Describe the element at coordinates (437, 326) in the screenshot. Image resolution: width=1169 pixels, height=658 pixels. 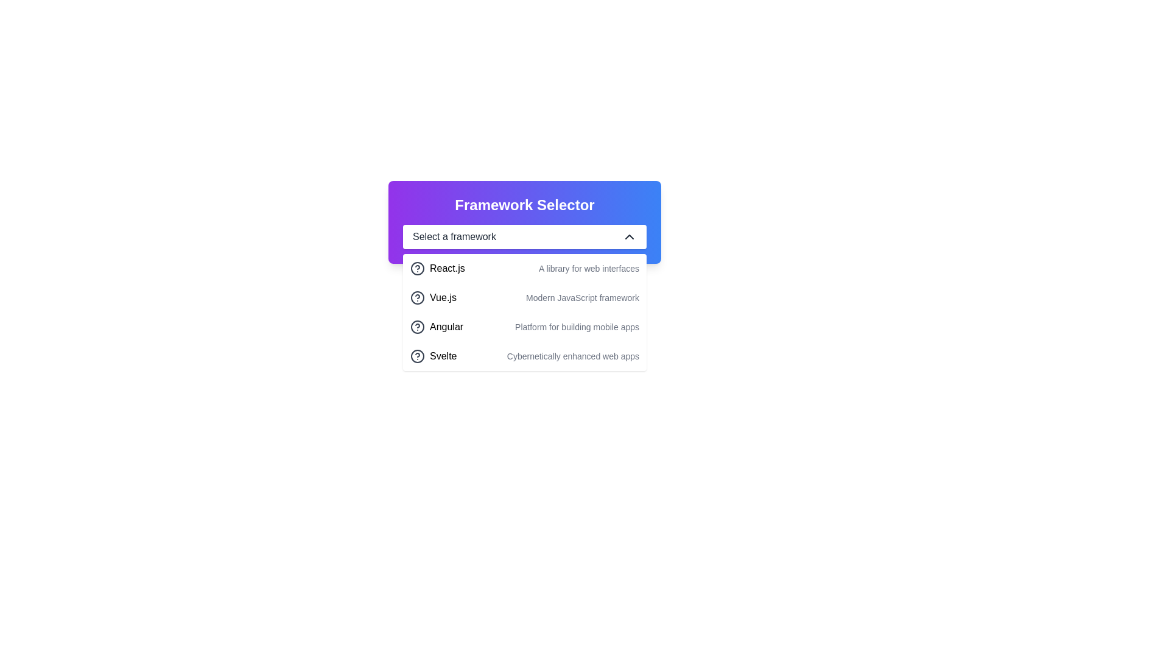
I see `the third item` at that location.